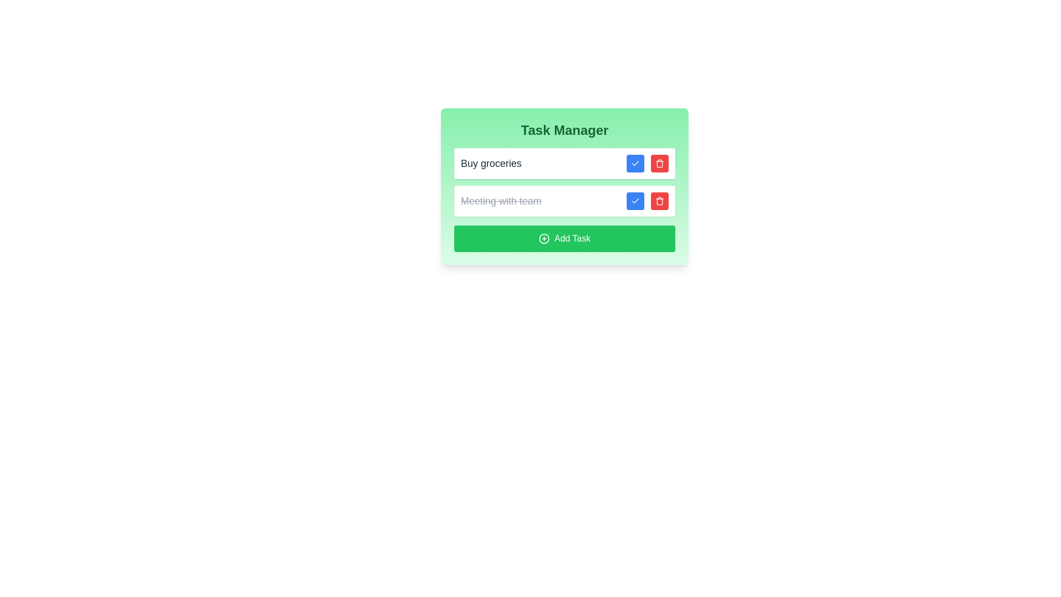  Describe the element at coordinates (660, 201) in the screenshot. I see `the delete button located to the right of the blue checkmark button in the task management application, which is associated with the task labeled 'Meeting with team'` at that location.